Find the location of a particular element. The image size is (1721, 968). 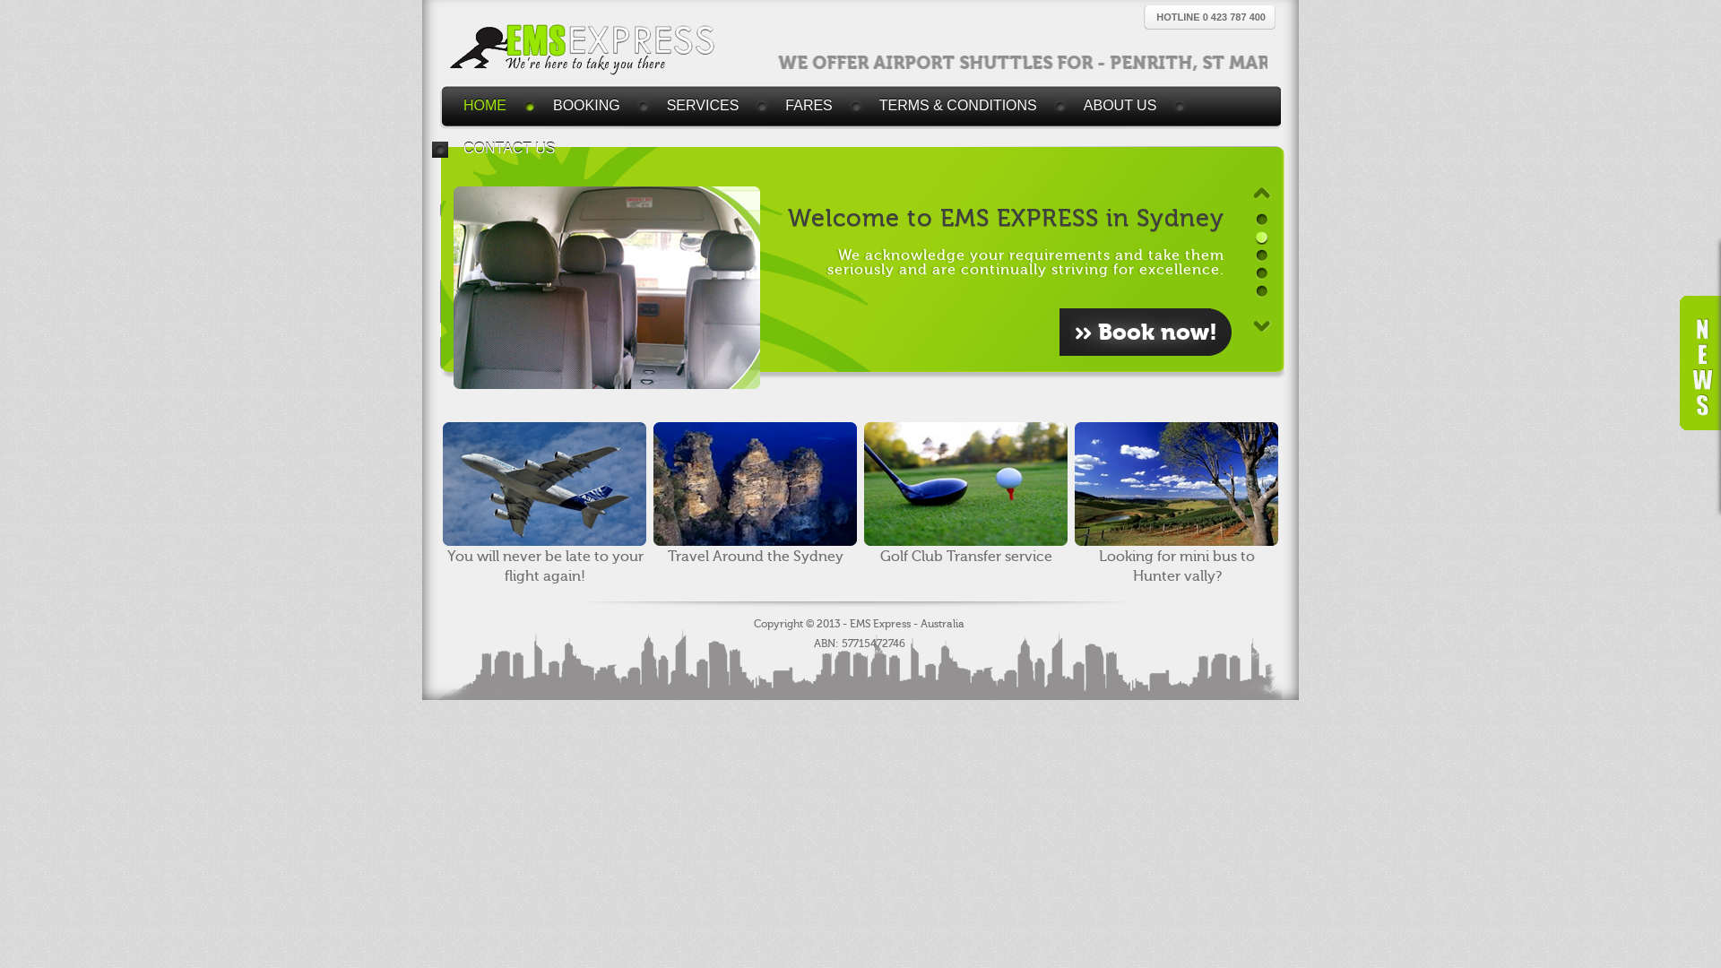

'Book now!' is located at coordinates (1144, 332).